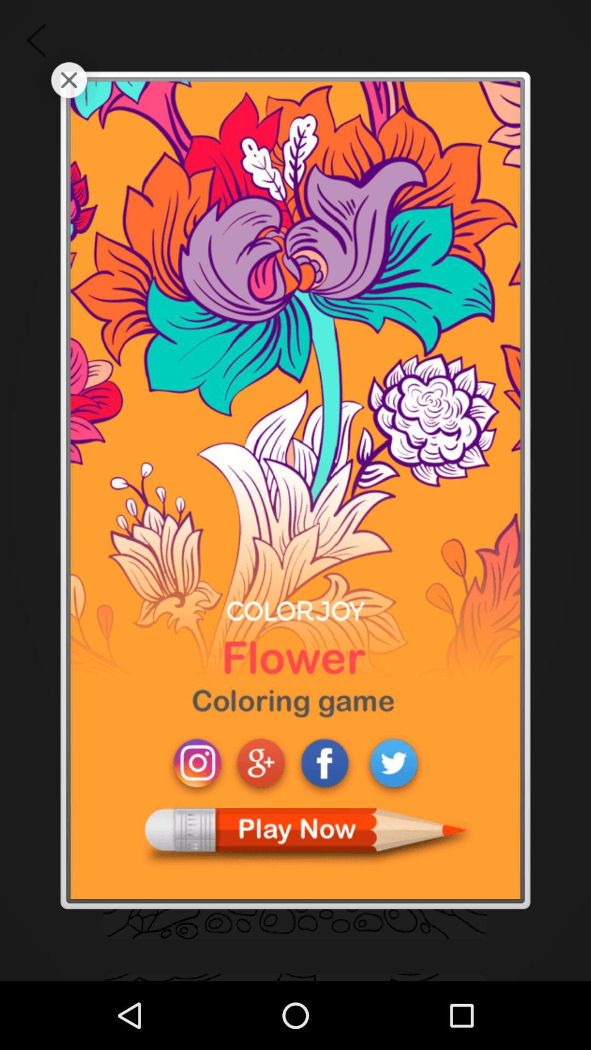  What do you see at coordinates (69, 79) in the screenshot?
I see `advertisements` at bounding box center [69, 79].